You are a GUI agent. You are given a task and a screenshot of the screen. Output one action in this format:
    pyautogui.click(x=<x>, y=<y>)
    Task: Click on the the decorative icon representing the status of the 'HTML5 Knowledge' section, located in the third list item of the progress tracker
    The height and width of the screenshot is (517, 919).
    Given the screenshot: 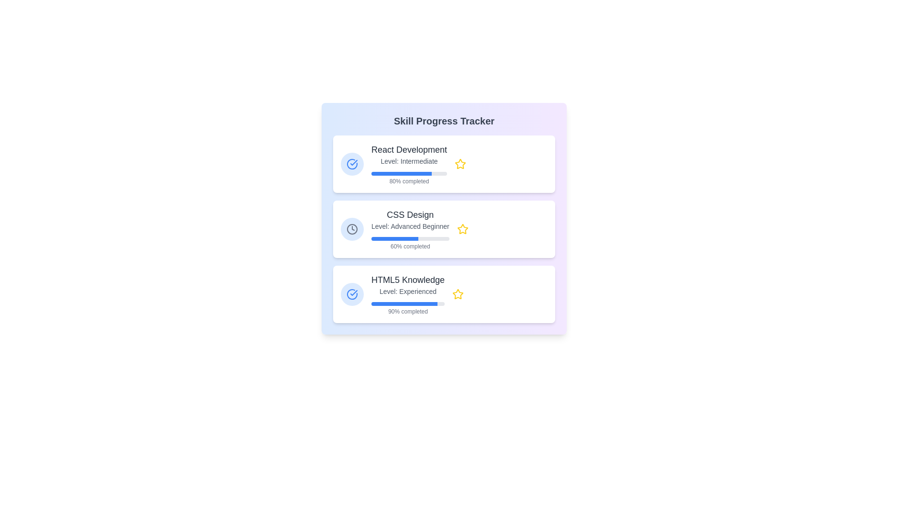 What is the action you would take?
    pyautogui.click(x=351, y=293)
    